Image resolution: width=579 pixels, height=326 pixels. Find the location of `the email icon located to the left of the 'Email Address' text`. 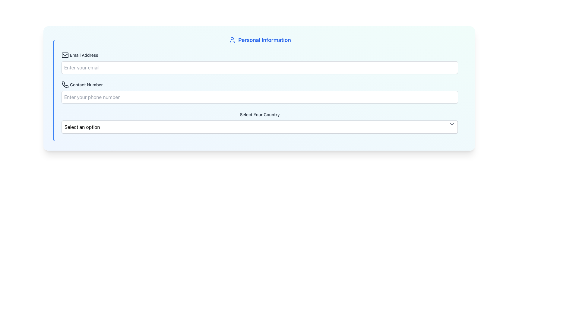

the email icon located to the left of the 'Email Address' text is located at coordinates (65, 55).